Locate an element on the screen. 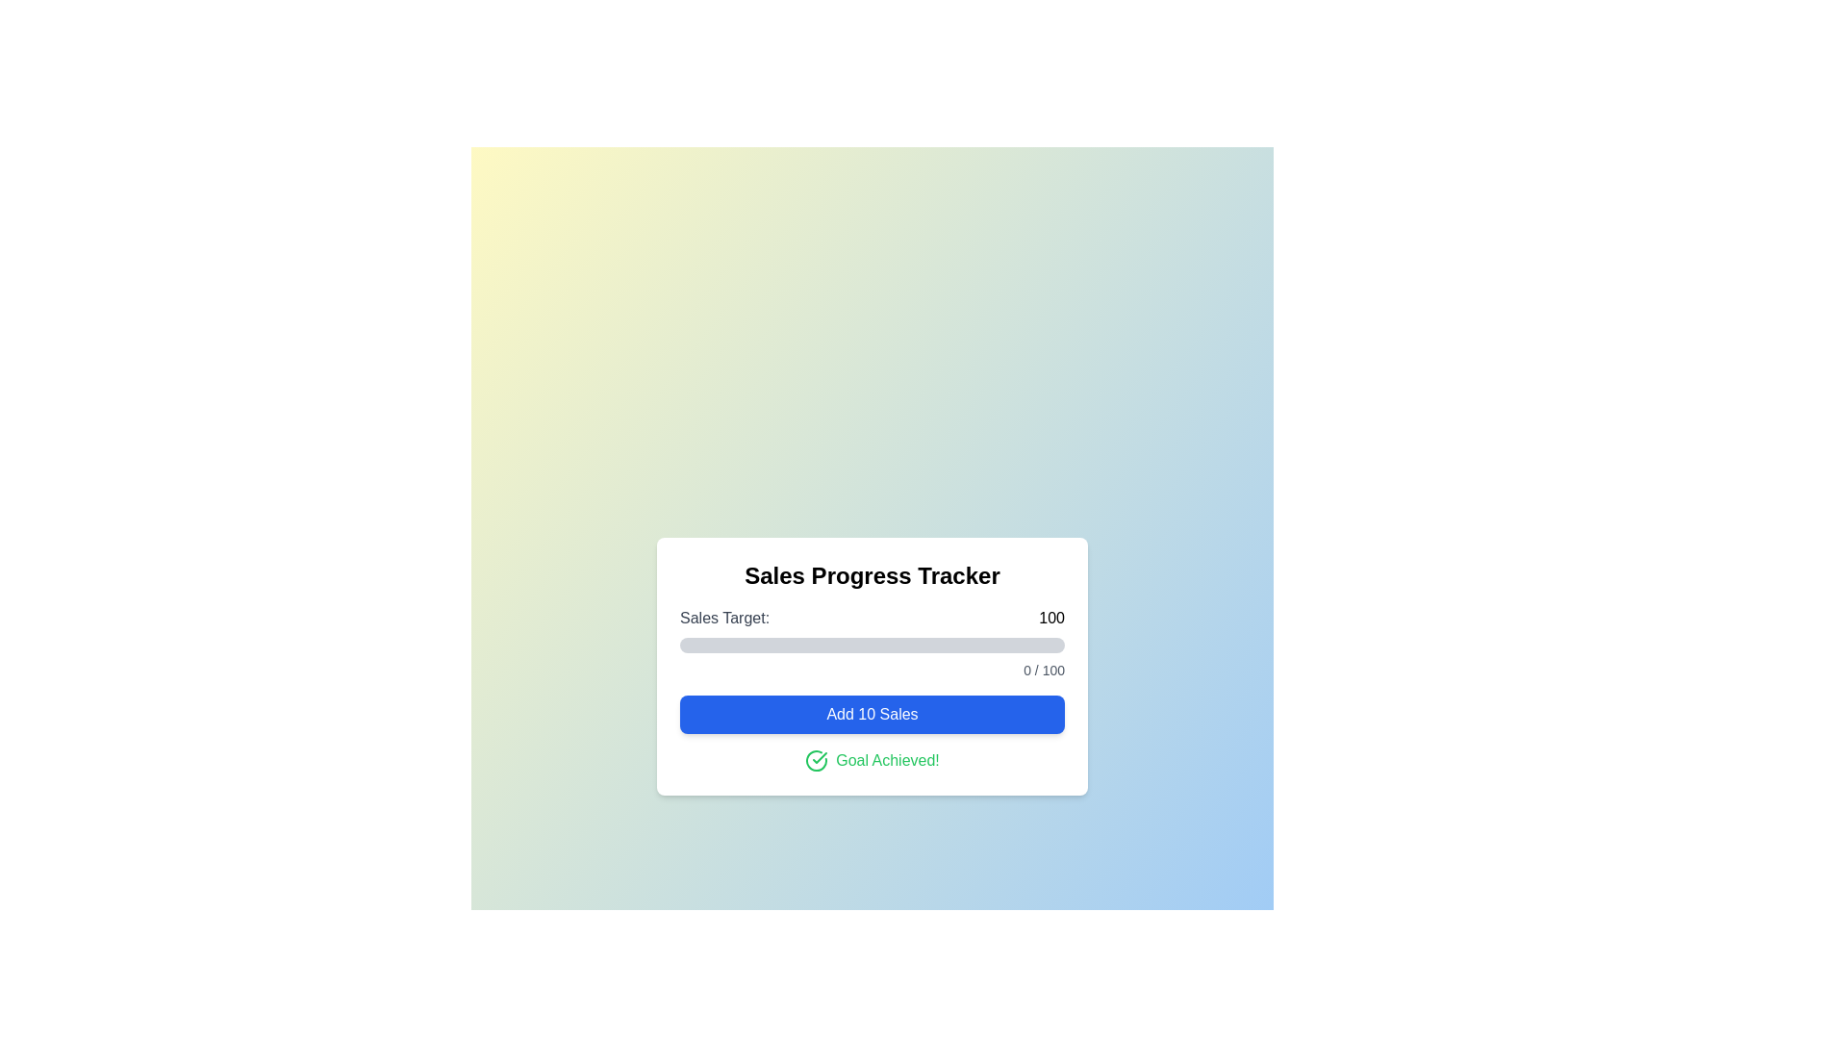 This screenshot has width=1847, height=1039. text from the Progress bar with accompanying information located under the 'Sales Progress Tracker' heading and above the 'Add 10 Sales' button is located at coordinates (872, 643).